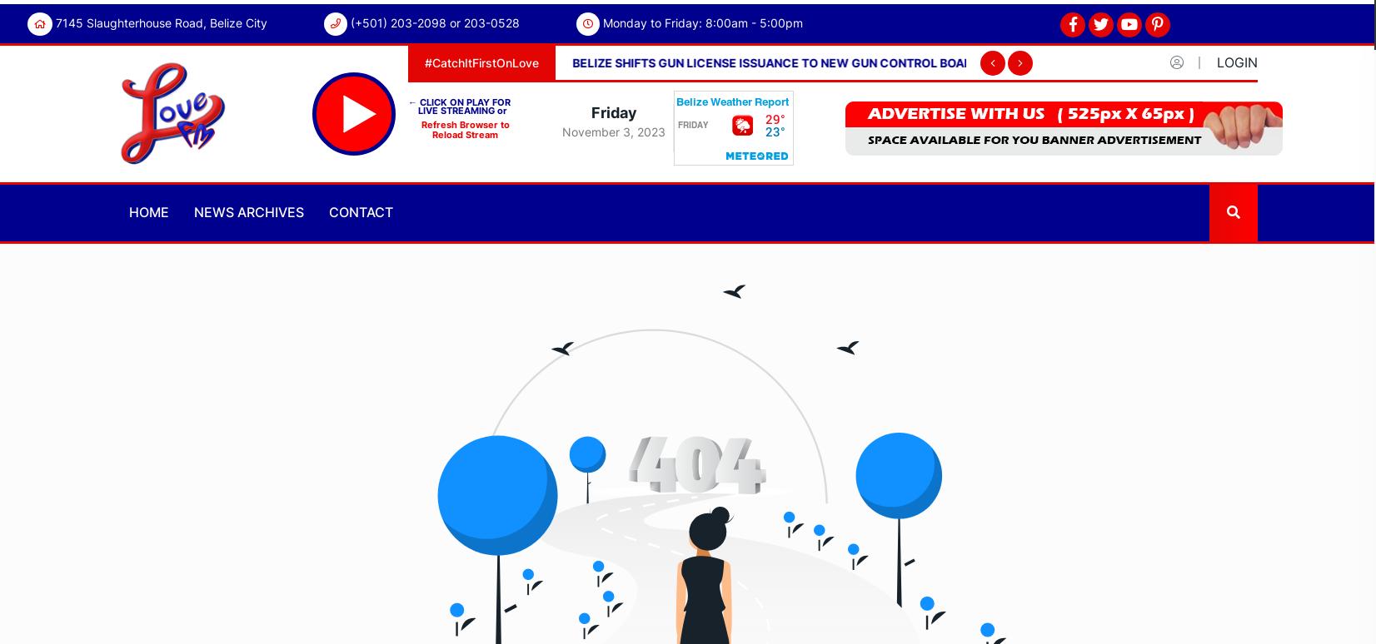 The image size is (1376, 644). Describe the element at coordinates (459, 101) in the screenshot. I see `'← CLICK ON PLAY FOR'` at that location.